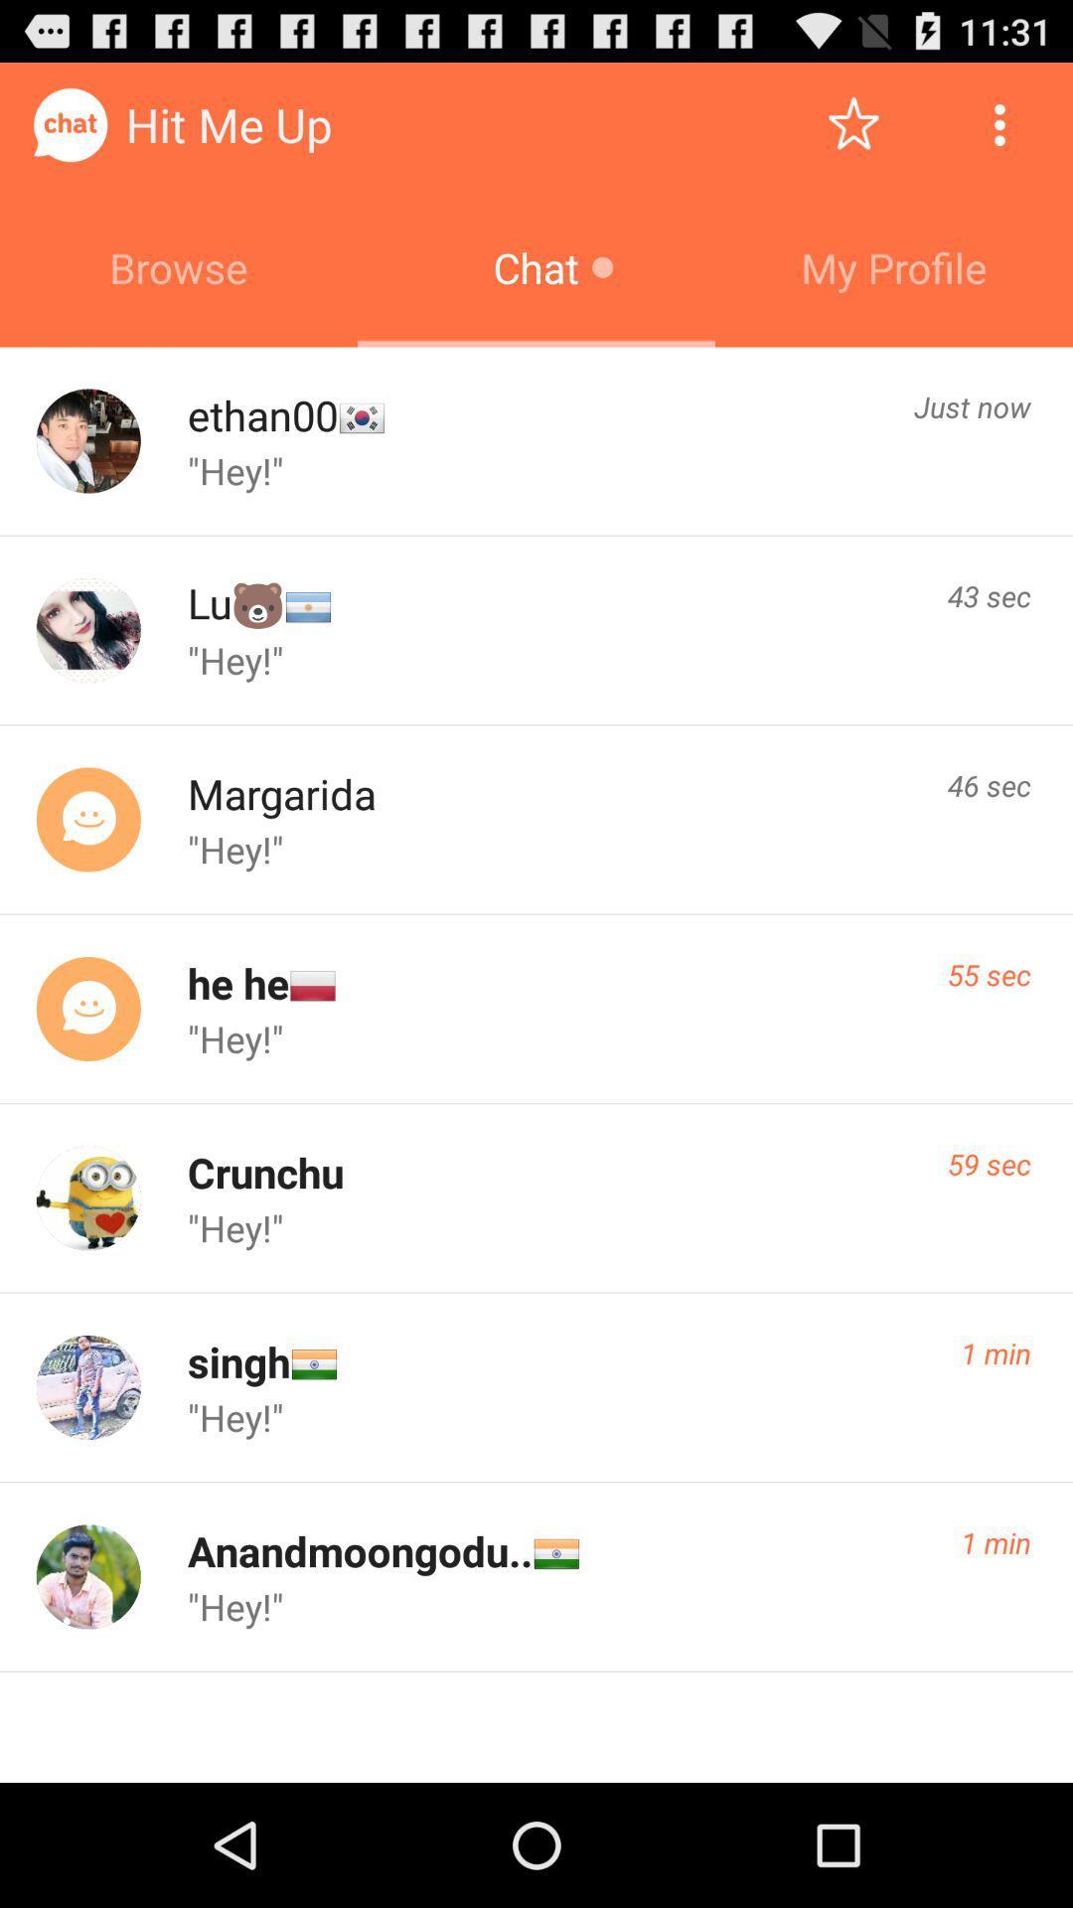 This screenshot has width=1073, height=1908. What do you see at coordinates (852, 123) in the screenshot?
I see `to favorites` at bounding box center [852, 123].